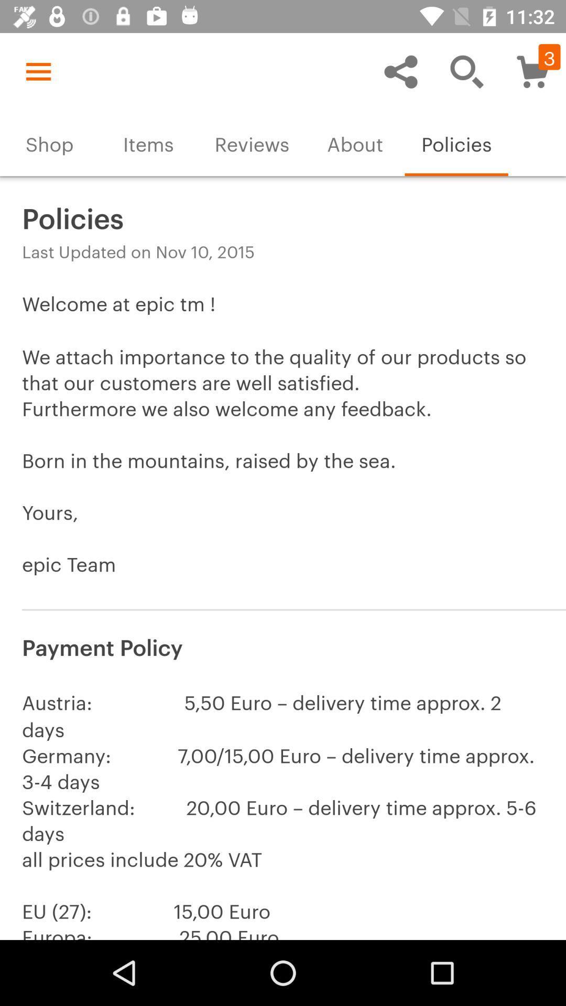 This screenshot has width=566, height=1006. Describe the element at coordinates (283, 646) in the screenshot. I see `item above the austria 5 50 icon` at that location.